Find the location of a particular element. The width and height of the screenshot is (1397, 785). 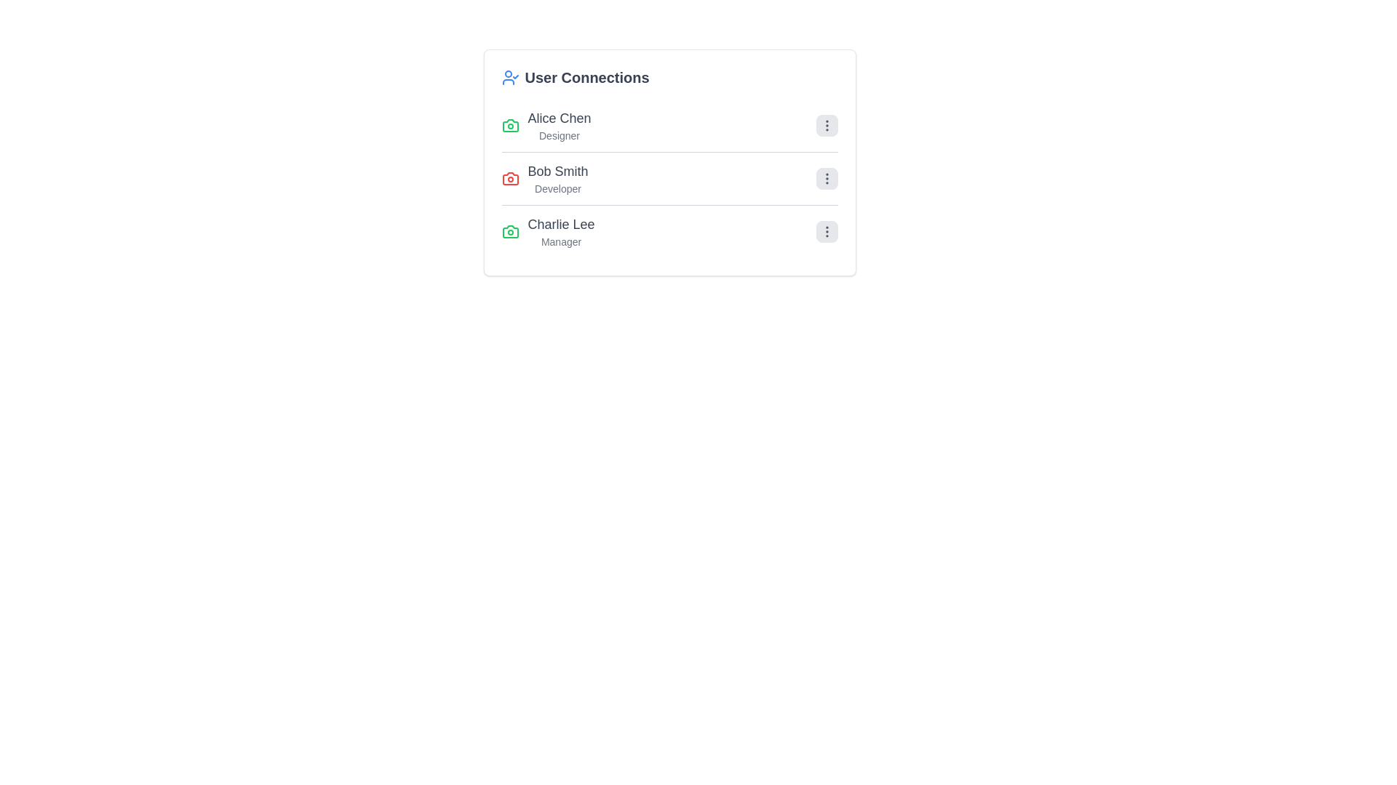

the text label displaying the name 'Charlie Lee', which is the third listed user in the vertical list, located above the subtitle 'Manager' is located at coordinates (560, 224).